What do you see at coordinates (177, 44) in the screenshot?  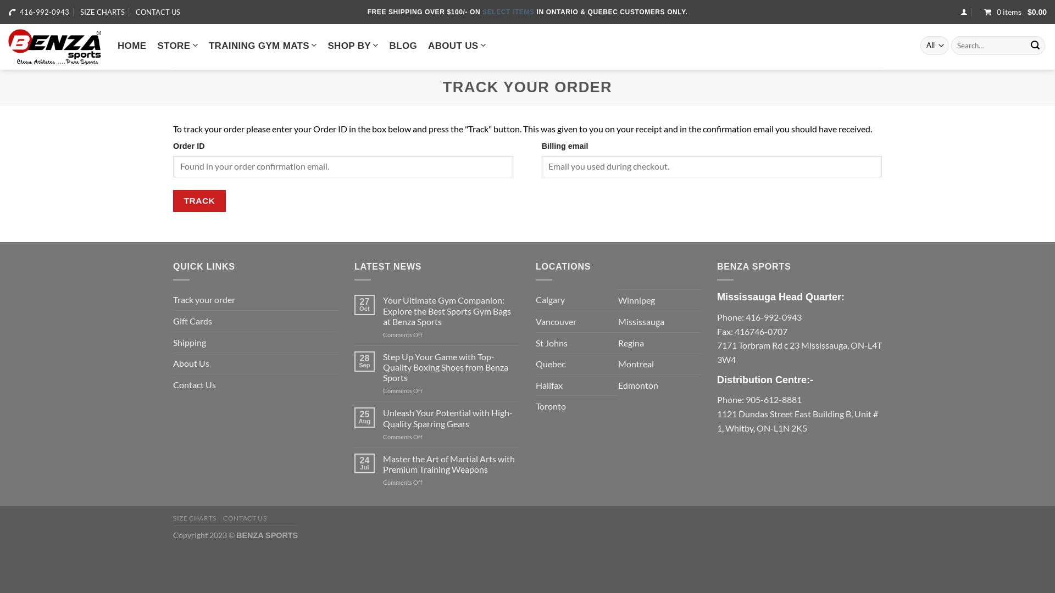 I see `'STORE'` at bounding box center [177, 44].